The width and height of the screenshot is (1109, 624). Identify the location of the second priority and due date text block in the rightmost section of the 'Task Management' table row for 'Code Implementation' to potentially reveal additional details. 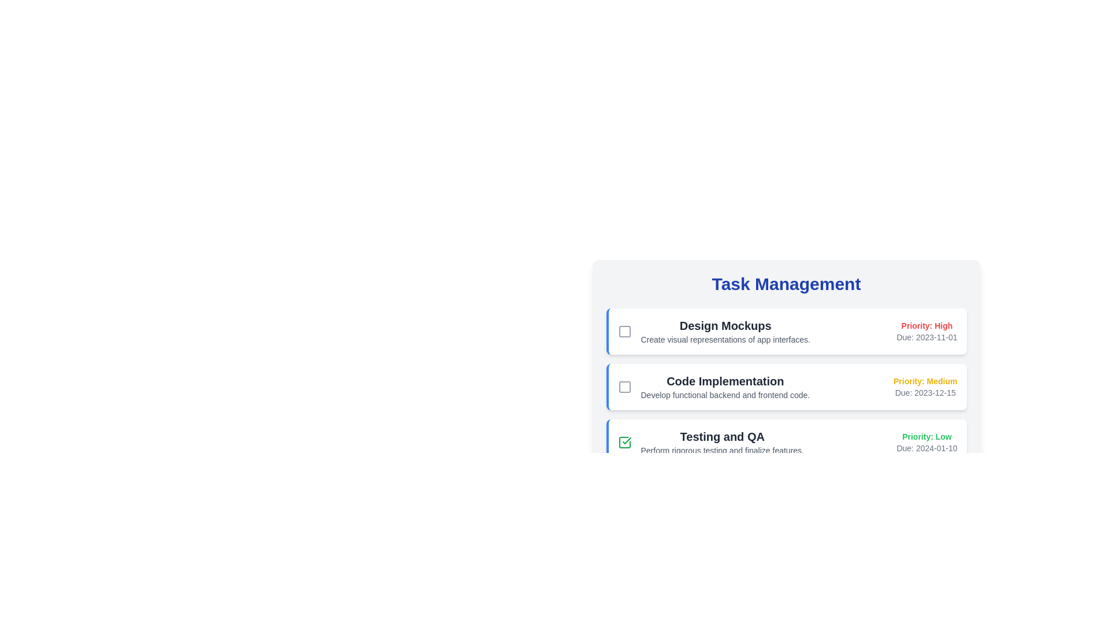
(925, 387).